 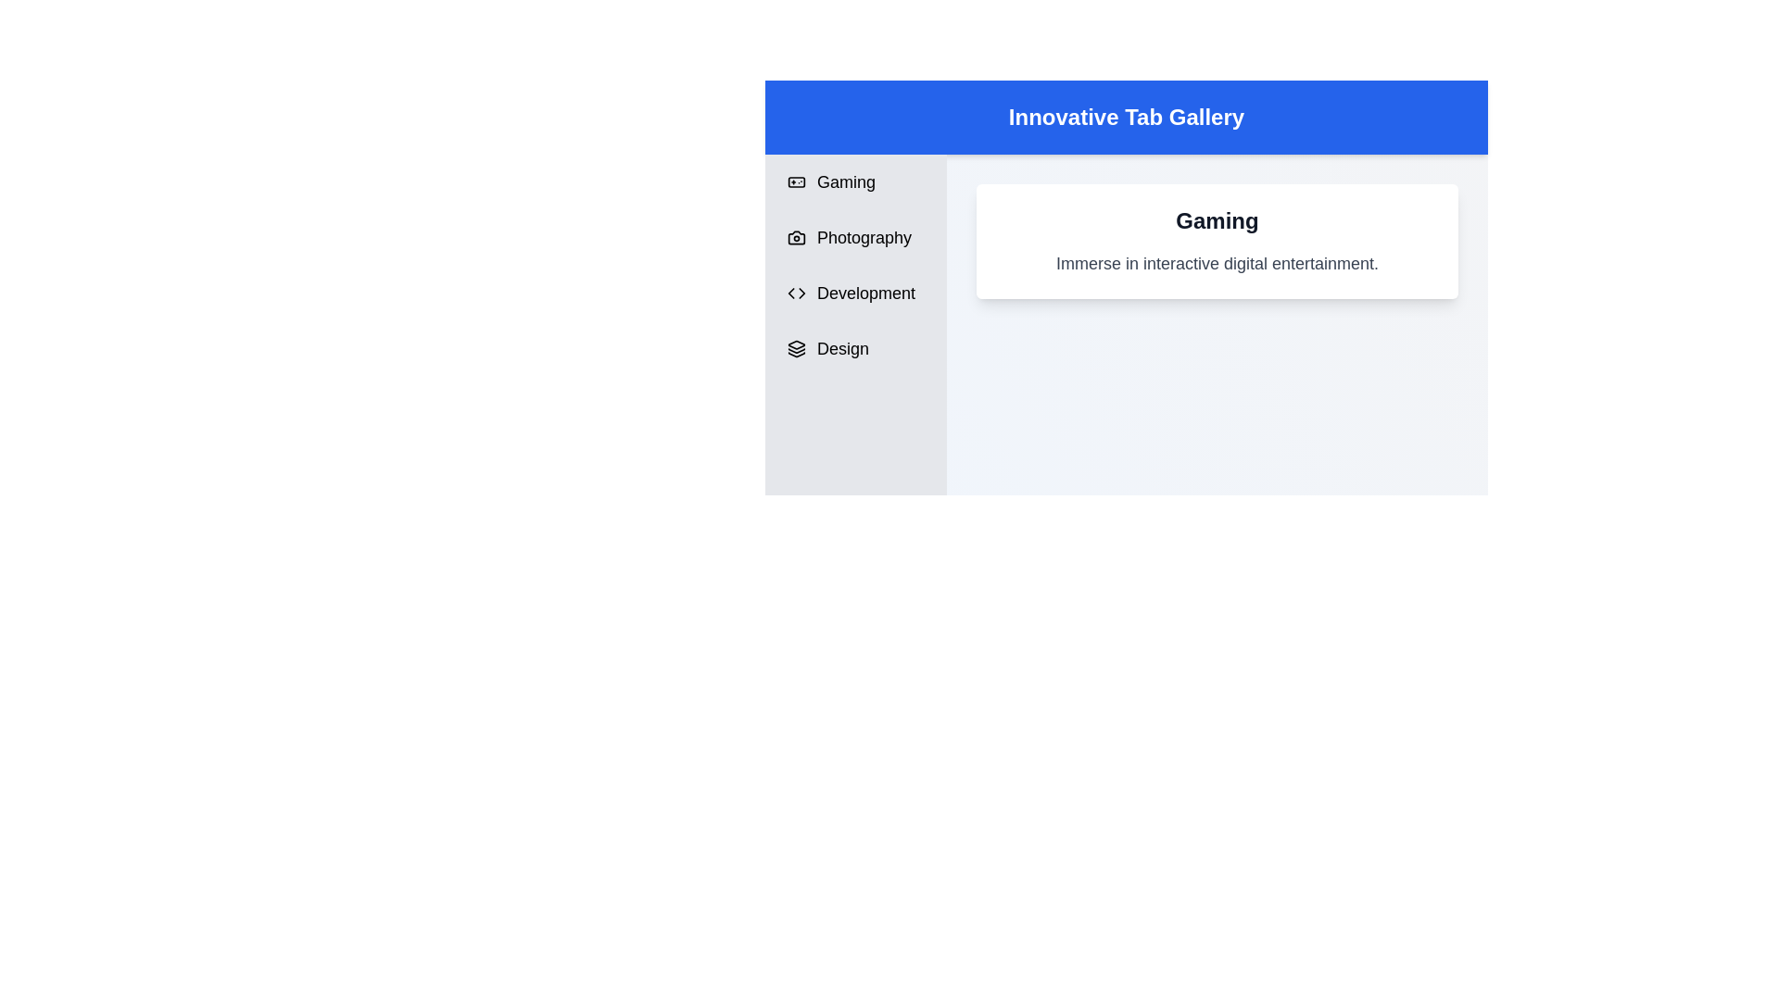 I want to click on the tab labeled Photography to switch content, so click(x=854, y=237).